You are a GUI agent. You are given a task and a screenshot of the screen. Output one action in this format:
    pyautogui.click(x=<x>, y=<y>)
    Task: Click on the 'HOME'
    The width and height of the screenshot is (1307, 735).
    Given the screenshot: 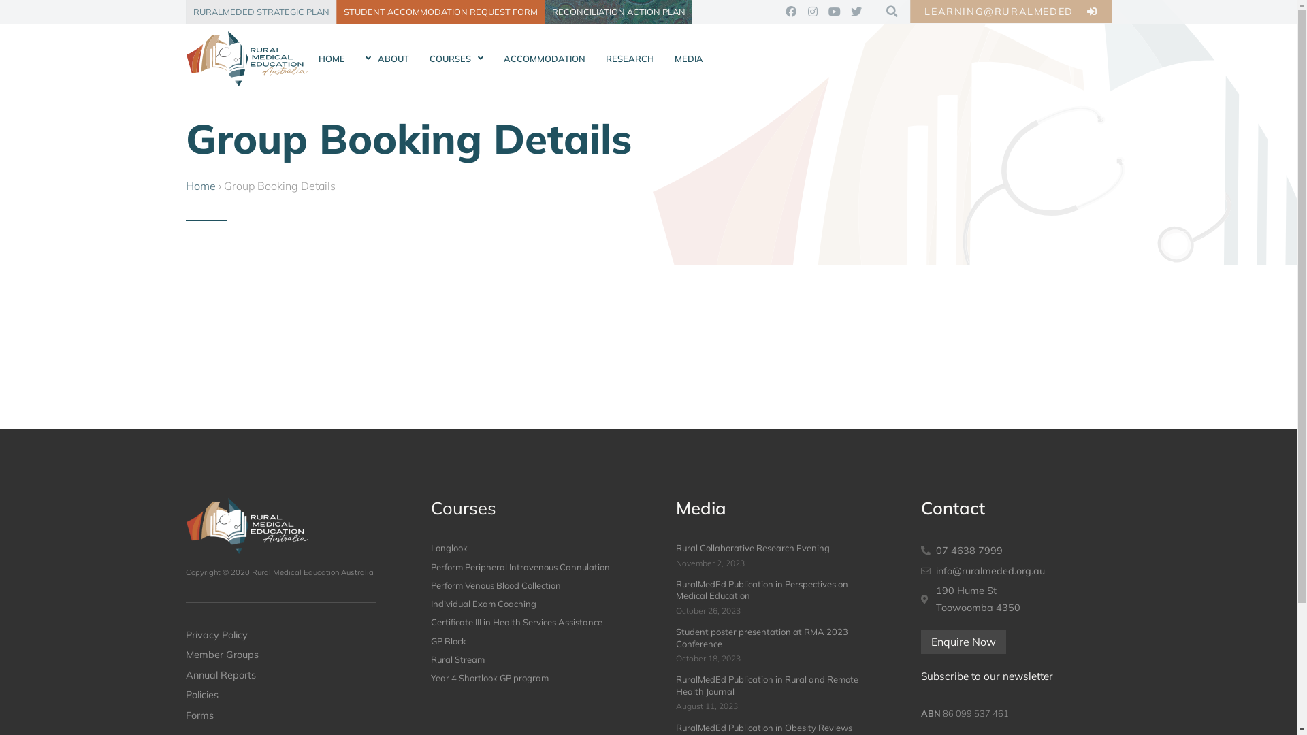 What is the action you would take?
    pyautogui.click(x=331, y=59)
    